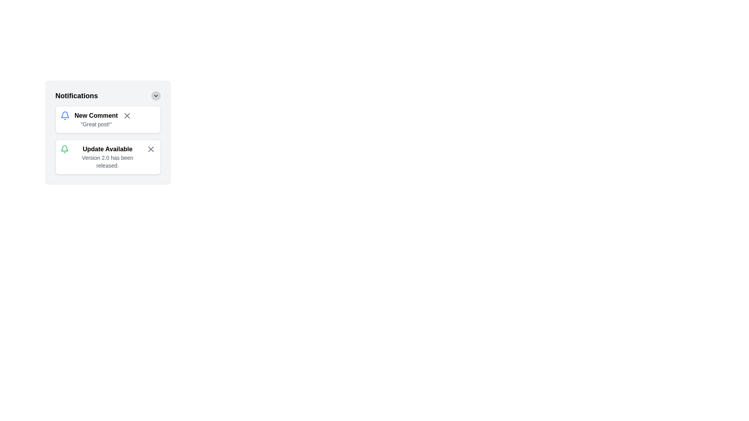 The width and height of the screenshot is (749, 421). Describe the element at coordinates (96, 116) in the screenshot. I see `the static text label that describes the notification card titled 'New Comment "Great post!"', which is located in the top section of the notification card` at that location.